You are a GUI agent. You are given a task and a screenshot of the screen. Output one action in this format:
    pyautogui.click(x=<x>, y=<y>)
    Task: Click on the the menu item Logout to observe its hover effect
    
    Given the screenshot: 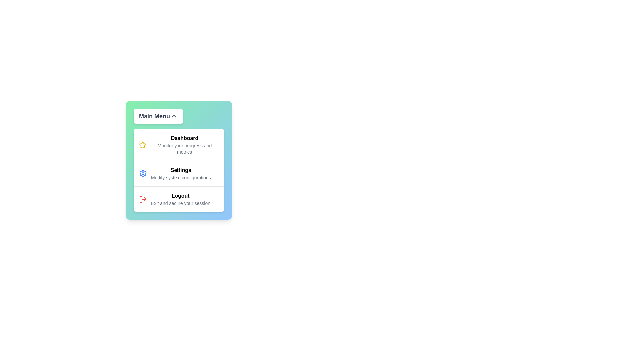 What is the action you would take?
    pyautogui.click(x=178, y=199)
    